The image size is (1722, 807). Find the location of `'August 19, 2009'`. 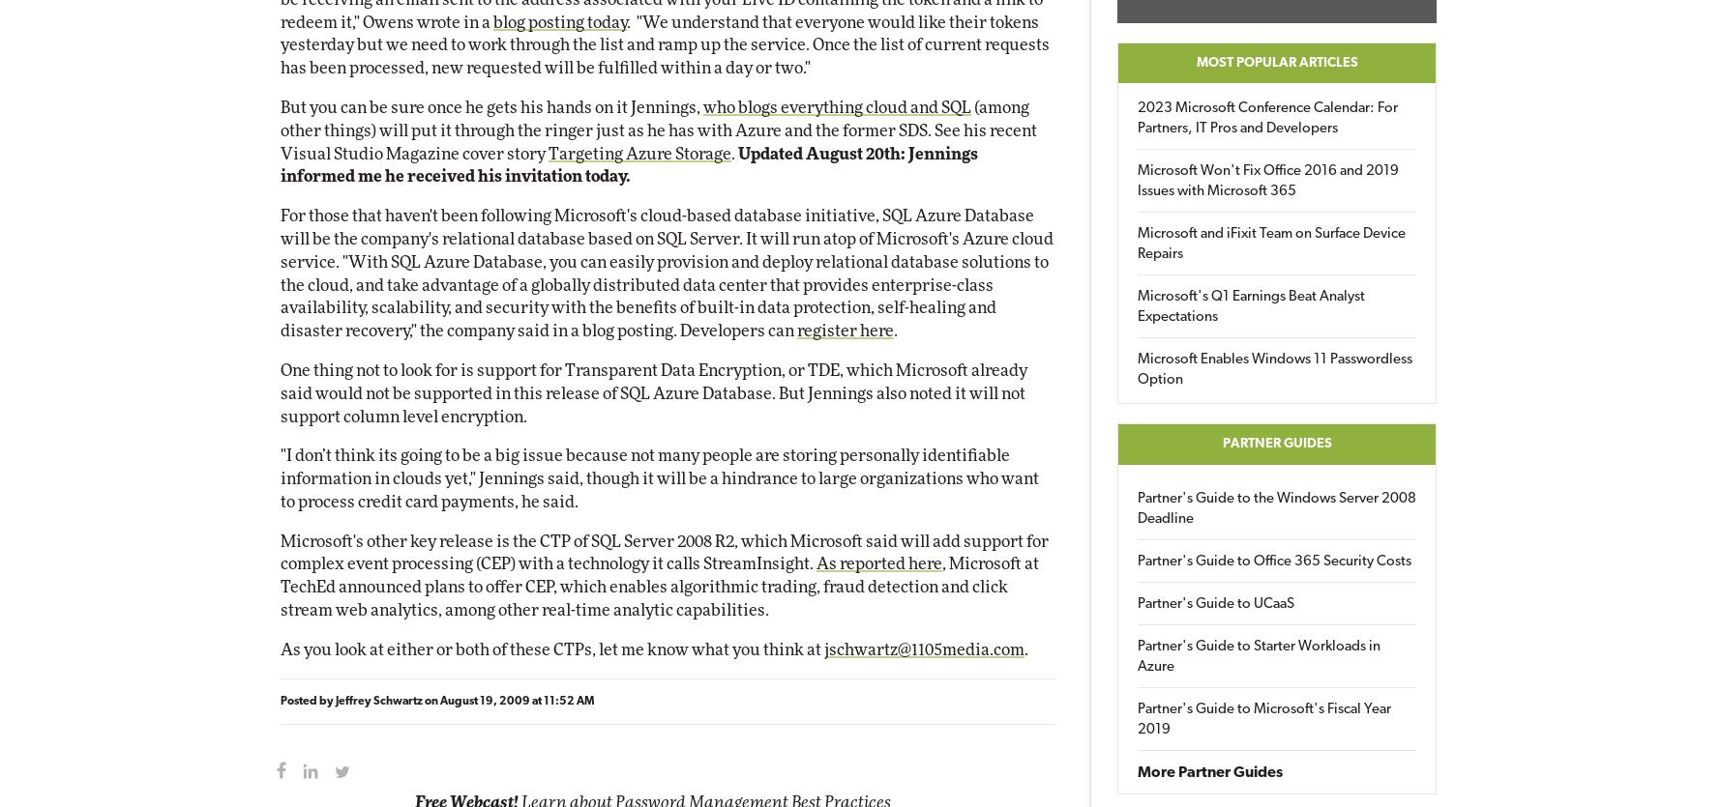

'August 19, 2009' is located at coordinates (485, 701).